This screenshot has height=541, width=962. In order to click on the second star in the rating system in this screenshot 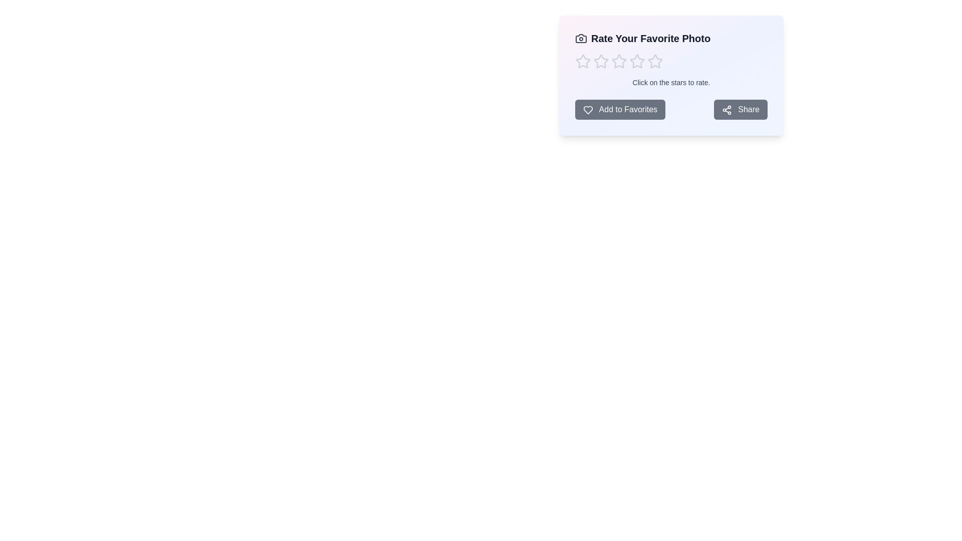, I will do `click(601, 62)`.